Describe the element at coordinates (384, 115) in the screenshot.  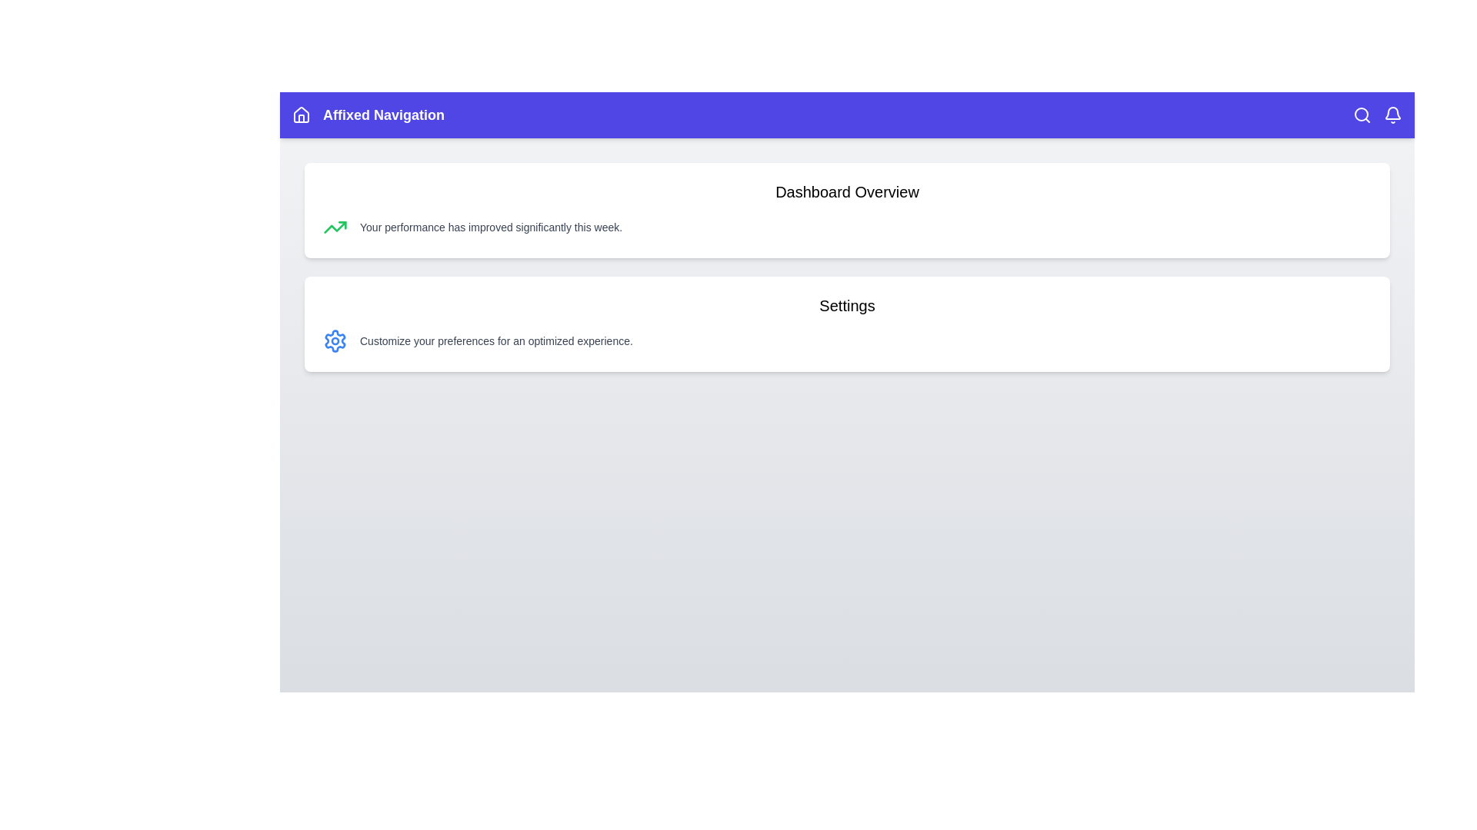
I see `text label located in the top navigation bar, positioned immediately to the right of the house icon` at that location.